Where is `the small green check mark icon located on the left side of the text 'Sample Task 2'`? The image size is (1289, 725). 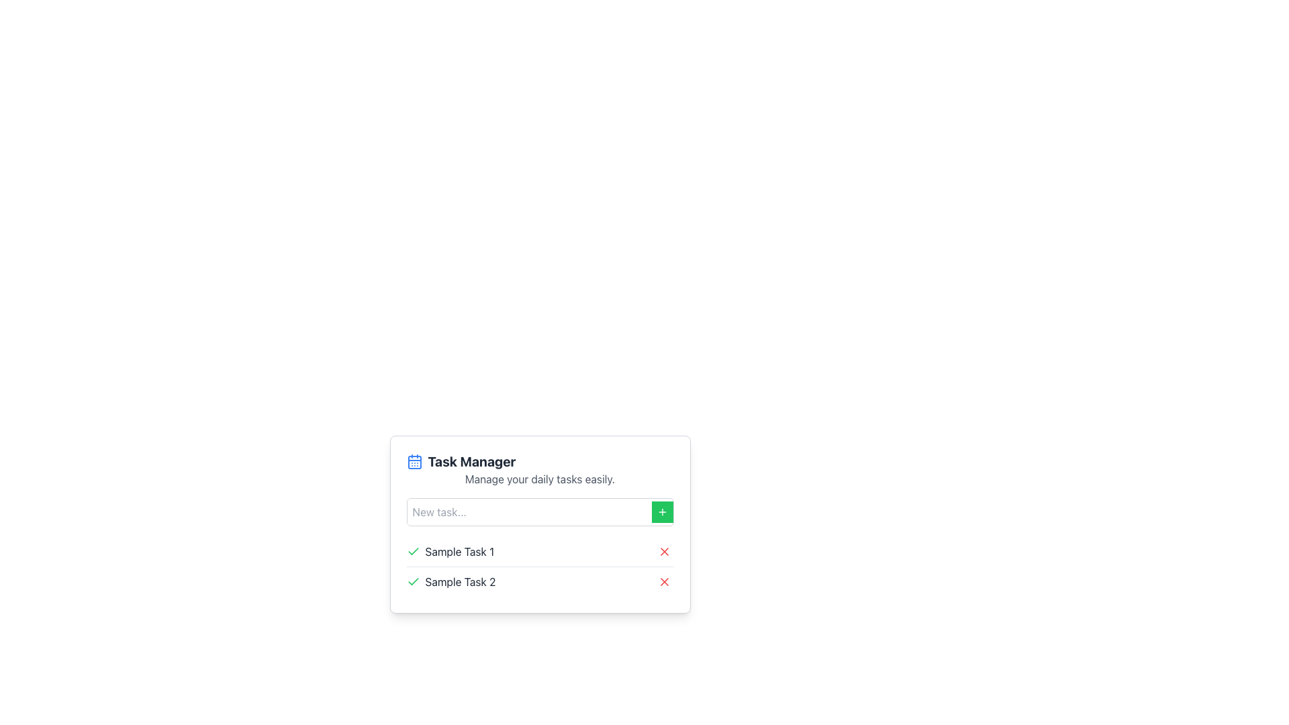 the small green check mark icon located on the left side of the text 'Sample Task 2' is located at coordinates (412, 581).